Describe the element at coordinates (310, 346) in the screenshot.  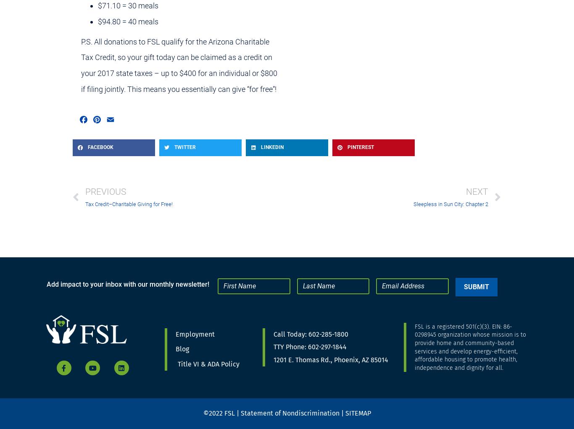
I see `'TTY Phone: 602-297-1844'` at that location.